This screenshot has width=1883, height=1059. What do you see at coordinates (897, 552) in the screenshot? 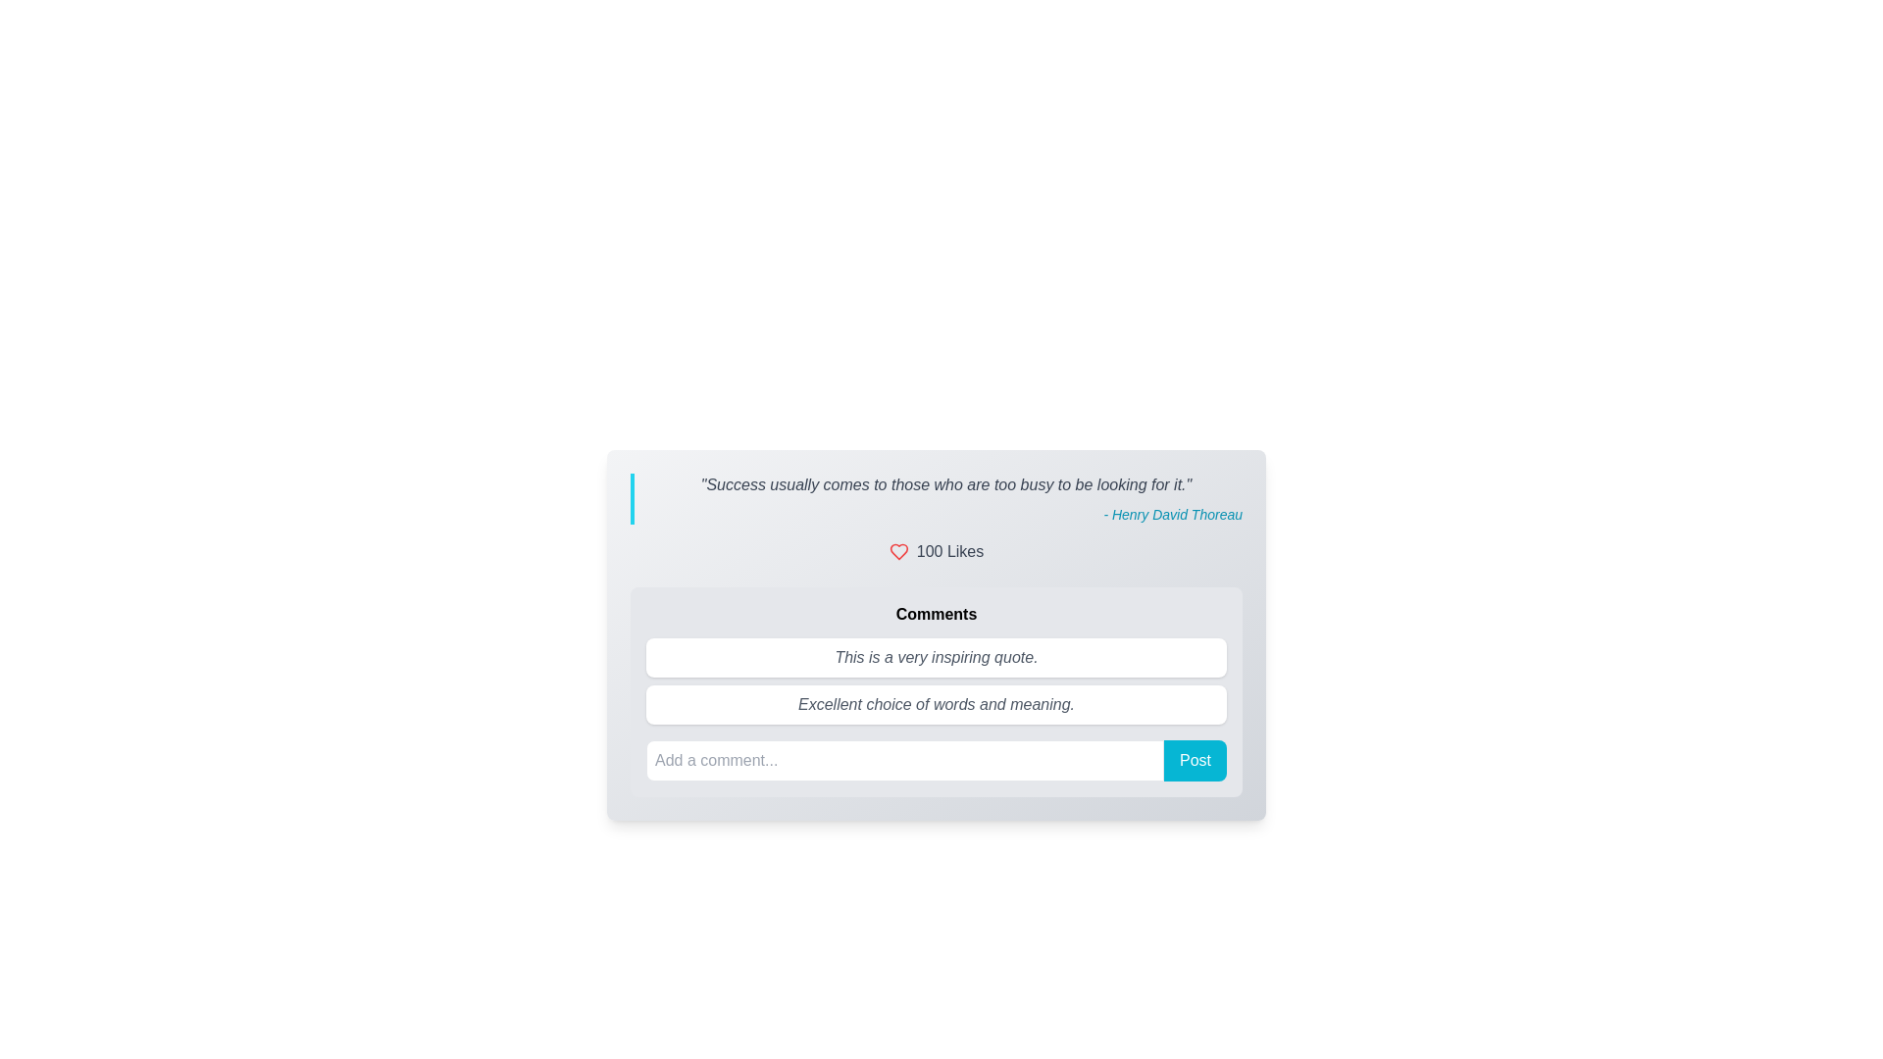
I see `the red heart icon, which indicates the like status, located near the text '100 Likes'` at bounding box center [897, 552].